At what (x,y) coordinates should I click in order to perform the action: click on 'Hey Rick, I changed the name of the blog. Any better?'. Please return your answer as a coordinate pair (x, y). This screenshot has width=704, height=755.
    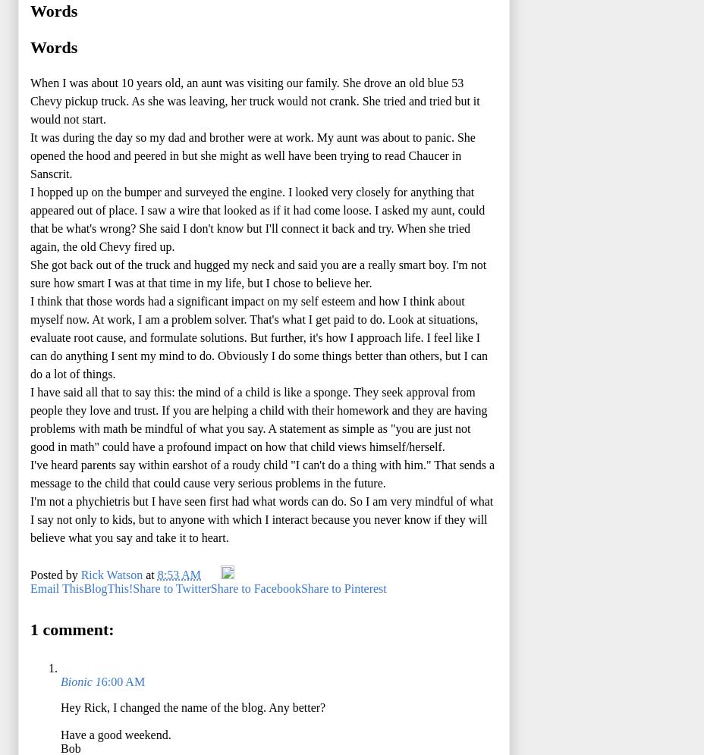
    Looking at the image, I should click on (192, 707).